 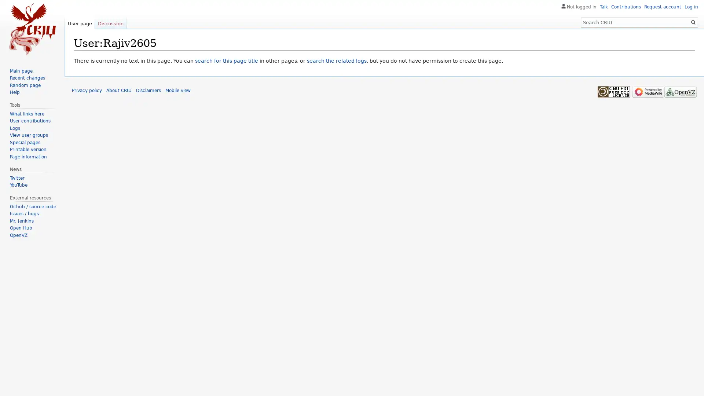 I want to click on Go, so click(x=693, y=22).